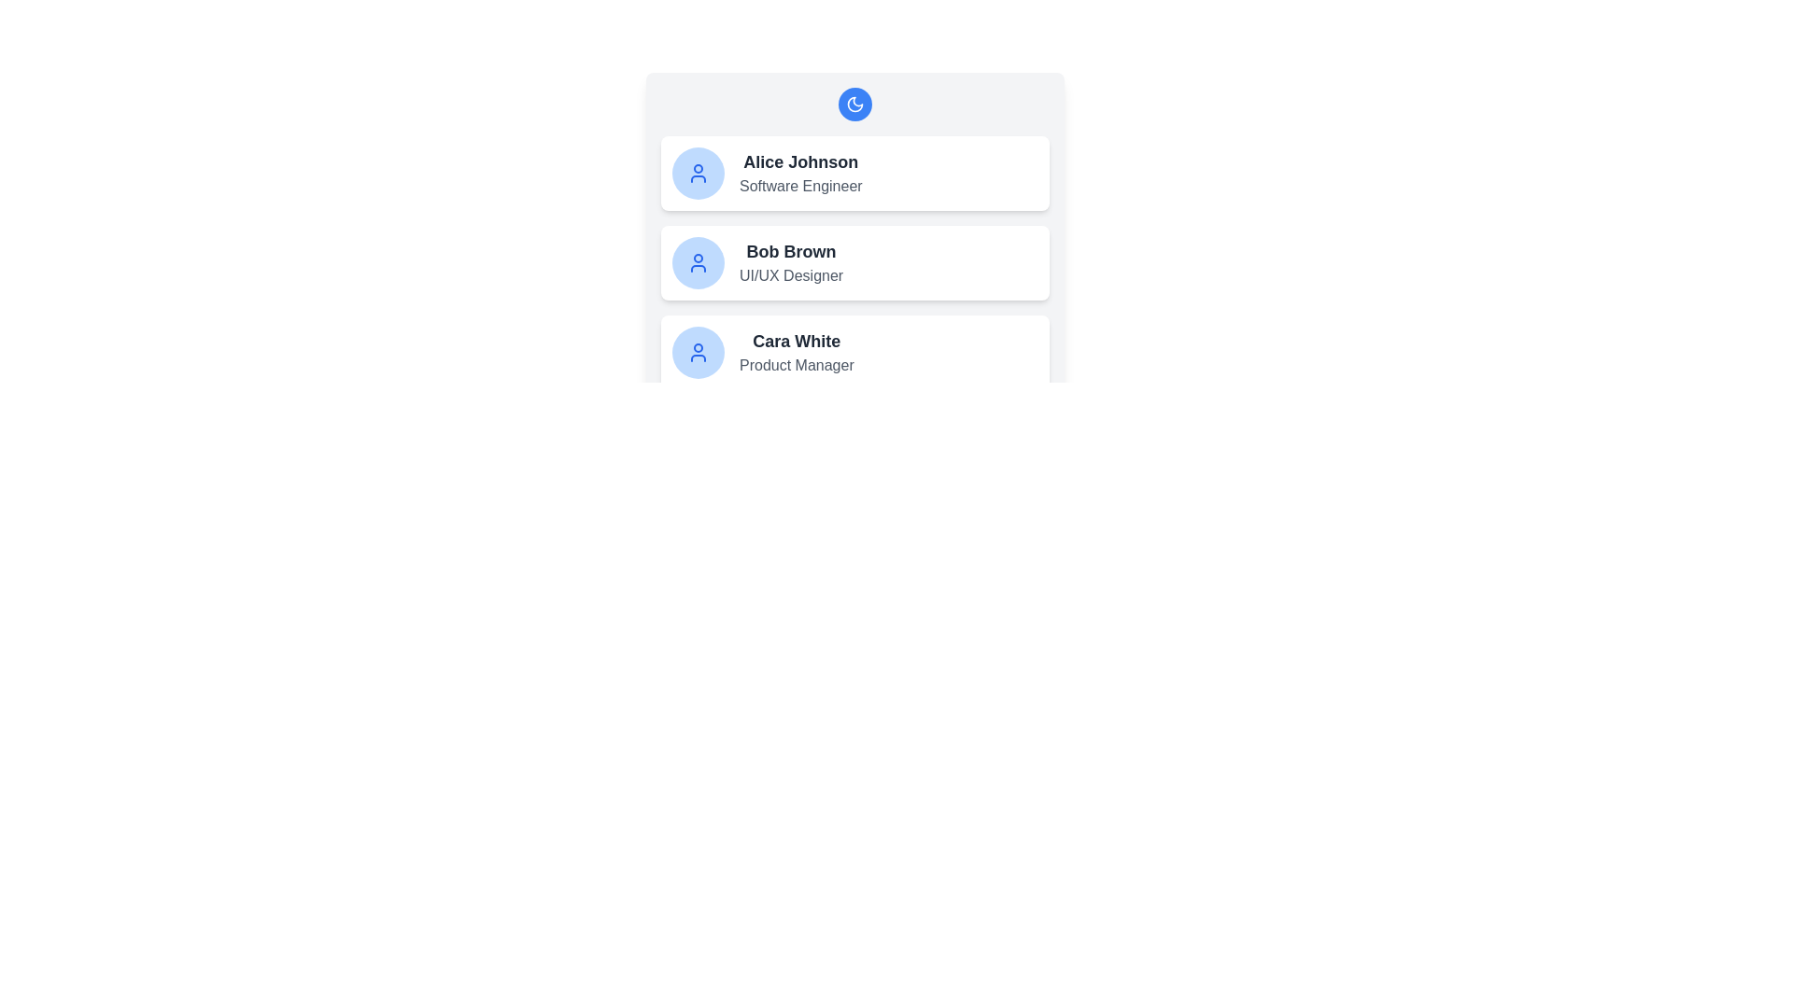 This screenshot has width=1793, height=1008. What do you see at coordinates (854, 104) in the screenshot?
I see `the theme toggle button located at the top center of the interface, above the user cards for Alice Johnson, Bob Brown, and Cara White, to observe the hover effect` at bounding box center [854, 104].